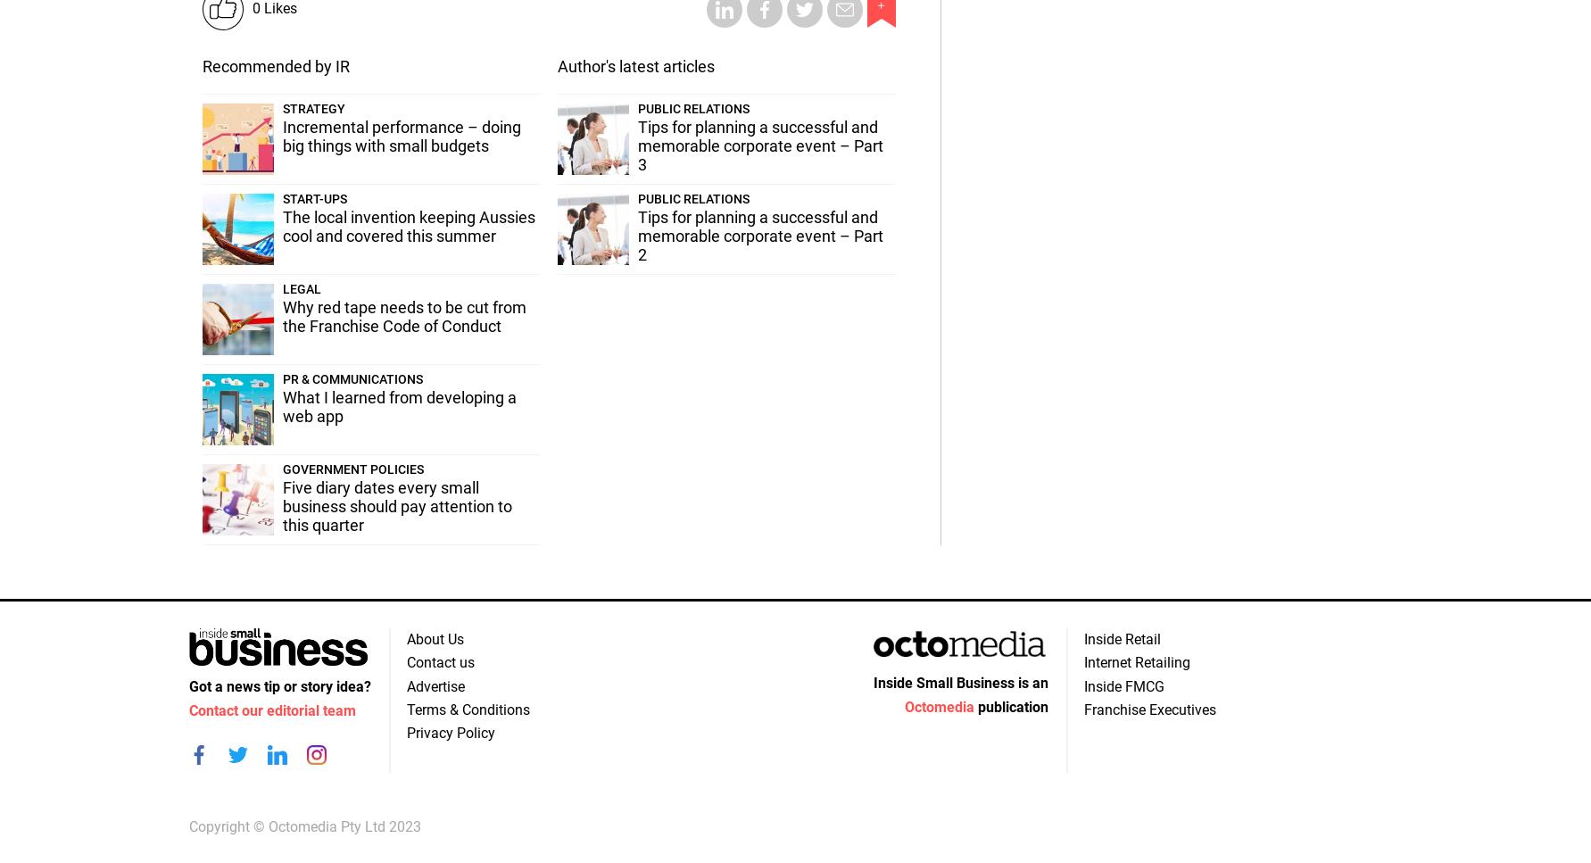 This screenshot has width=1591, height=863. What do you see at coordinates (280, 136) in the screenshot?
I see `'Incremental performance – doing big things with small budgets'` at bounding box center [280, 136].